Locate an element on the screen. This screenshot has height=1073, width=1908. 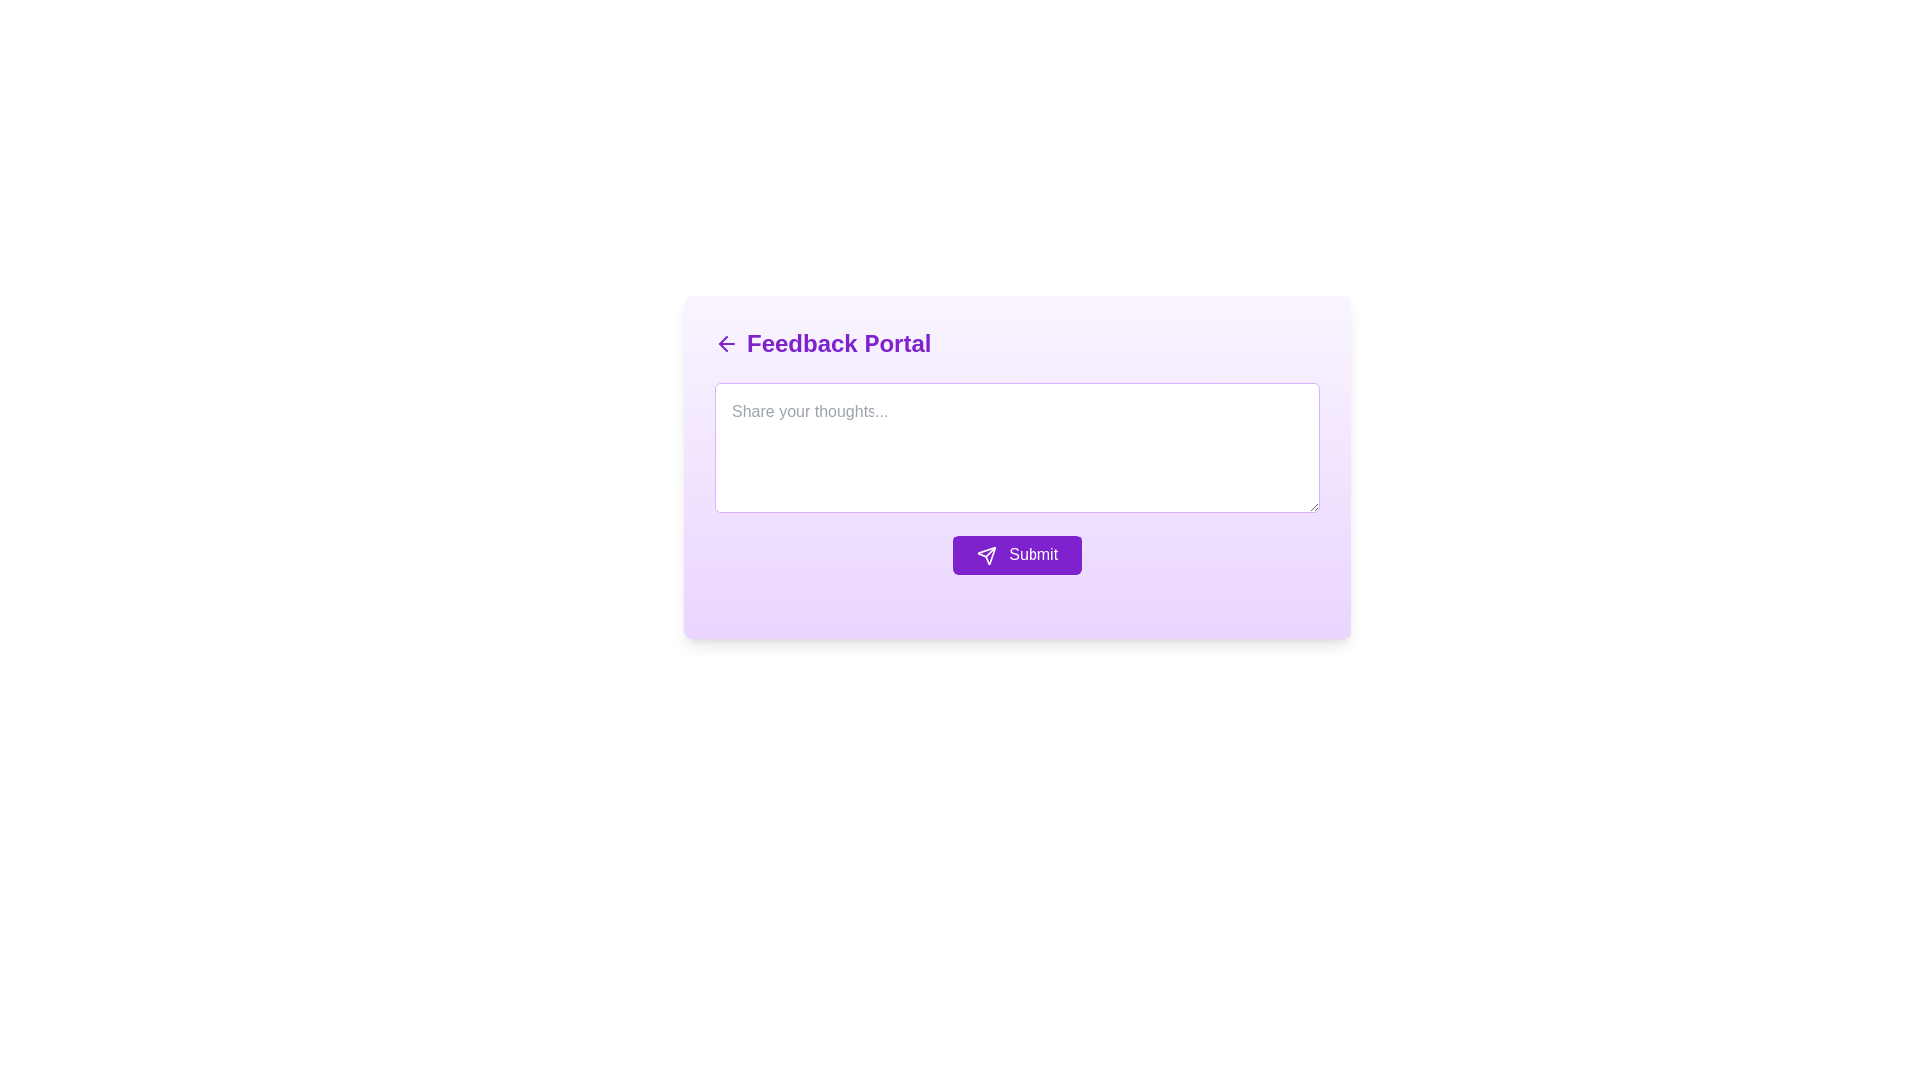
the purple 'Submit' button with a white paper airplane icon and white text located at the bottom of the feedback form card is located at coordinates (1017, 555).